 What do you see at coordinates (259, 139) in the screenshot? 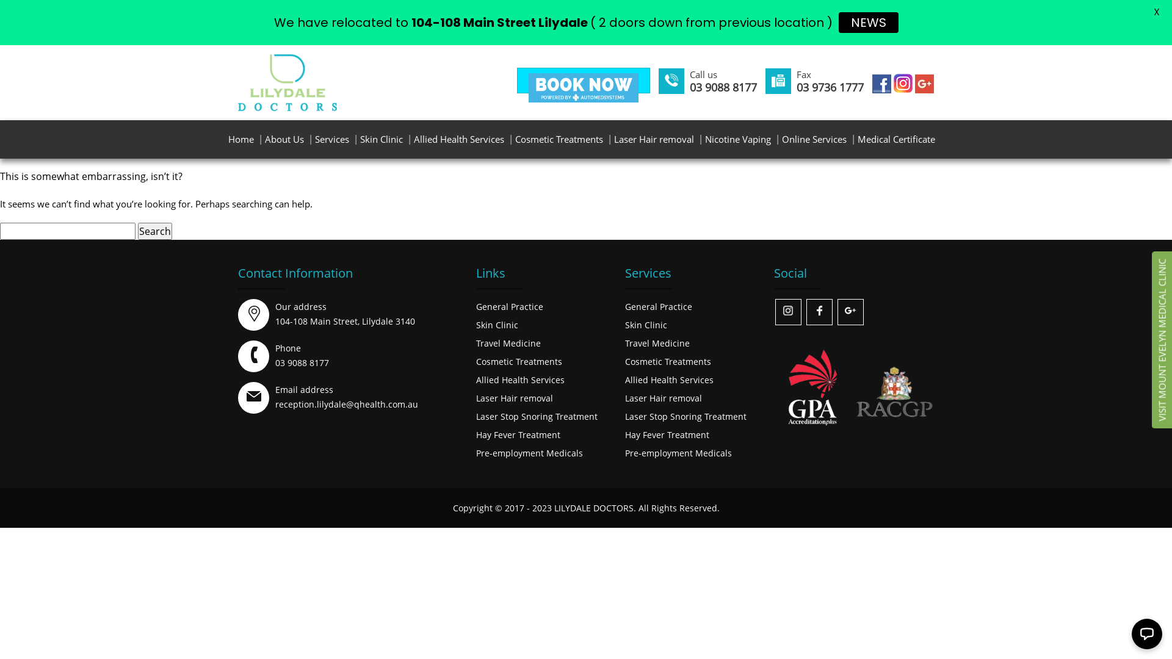
I see `'About Us'` at bounding box center [259, 139].